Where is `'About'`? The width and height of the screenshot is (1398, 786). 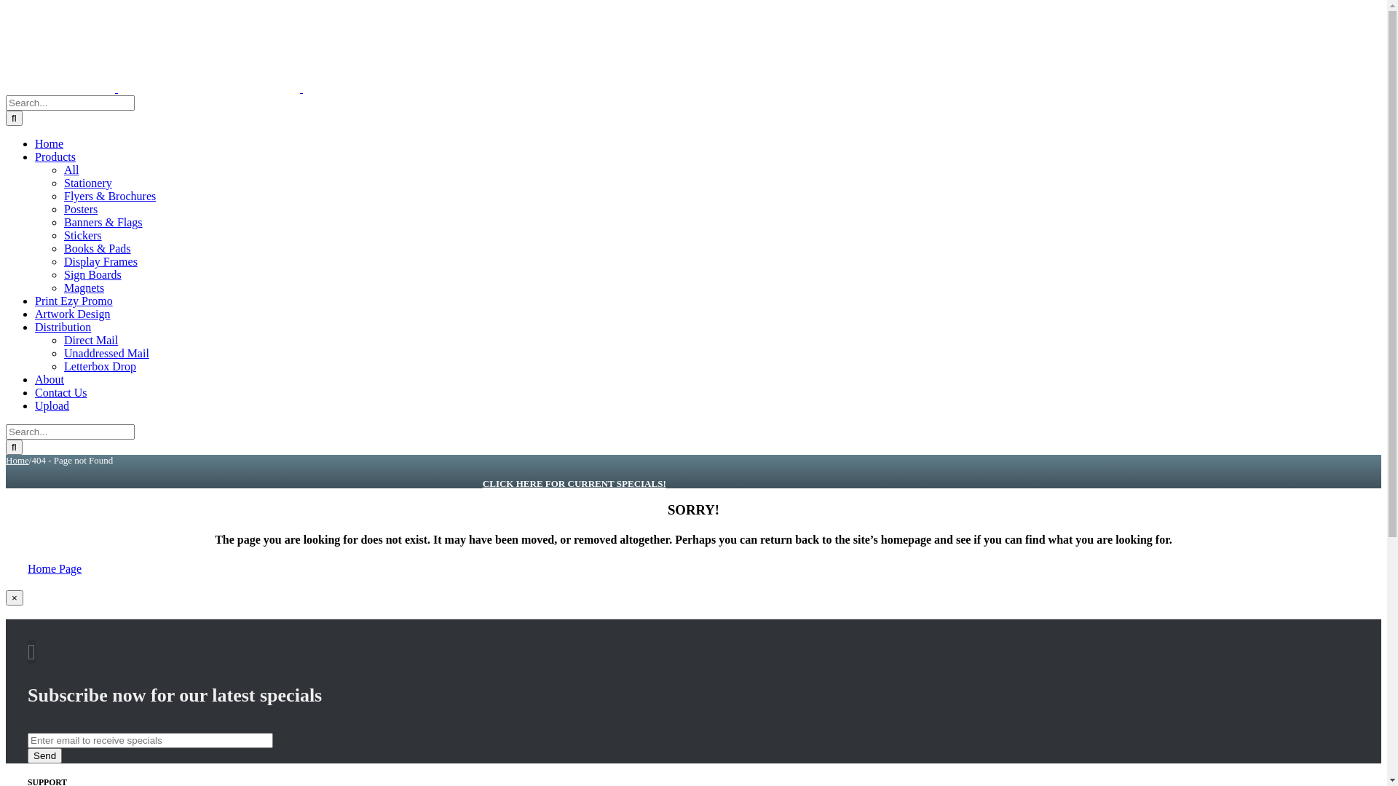
'About' is located at coordinates (49, 378).